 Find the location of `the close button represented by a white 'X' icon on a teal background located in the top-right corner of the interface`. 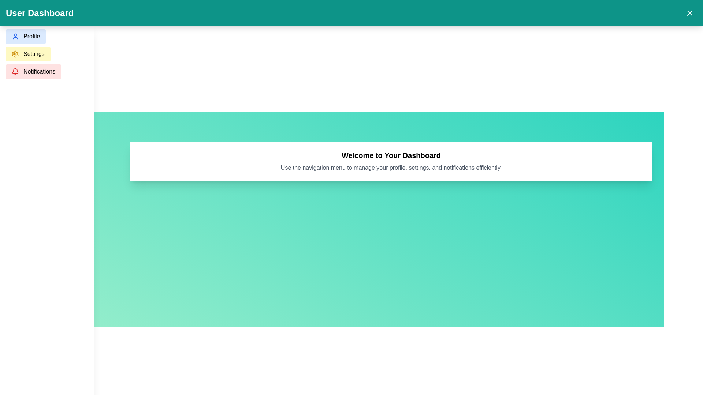

the close button represented by a white 'X' icon on a teal background located in the top-right corner of the interface is located at coordinates (689, 13).